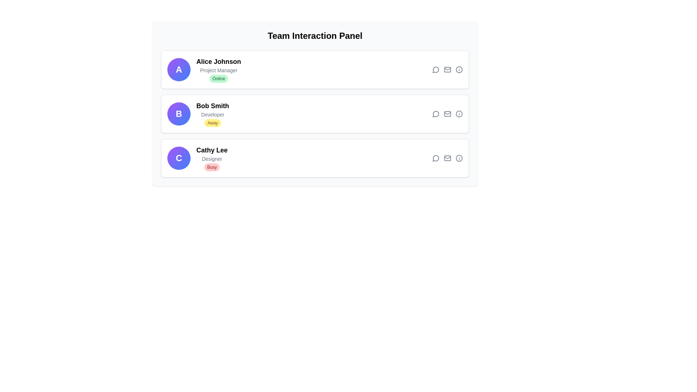 The height and width of the screenshot is (392, 697). Describe the element at coordinates (447, 114) in the screenshot. I see `the envelope icon located in the middle row of the team interaction panel, to the right of the line containing 'Bob Smith'` at that location.